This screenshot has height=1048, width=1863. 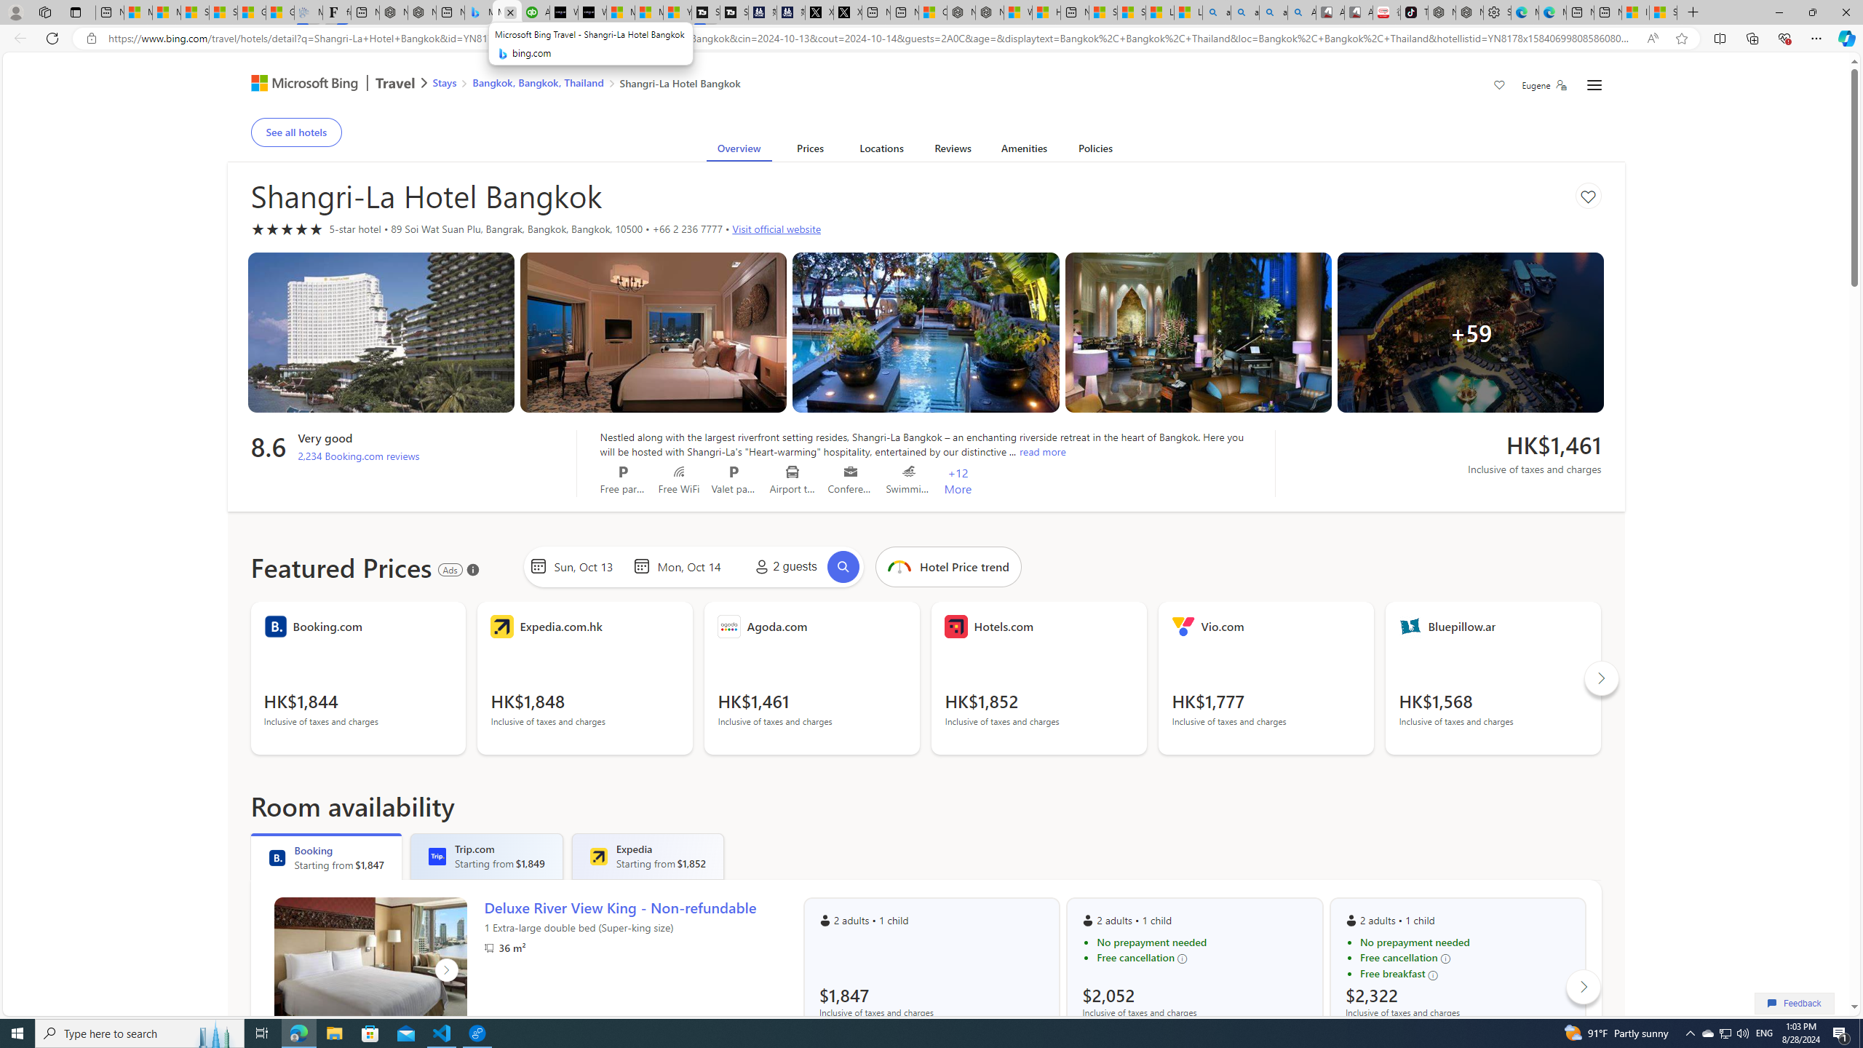 I want to click on 'Hotel room image + 59', so click(x=1471, y=331).